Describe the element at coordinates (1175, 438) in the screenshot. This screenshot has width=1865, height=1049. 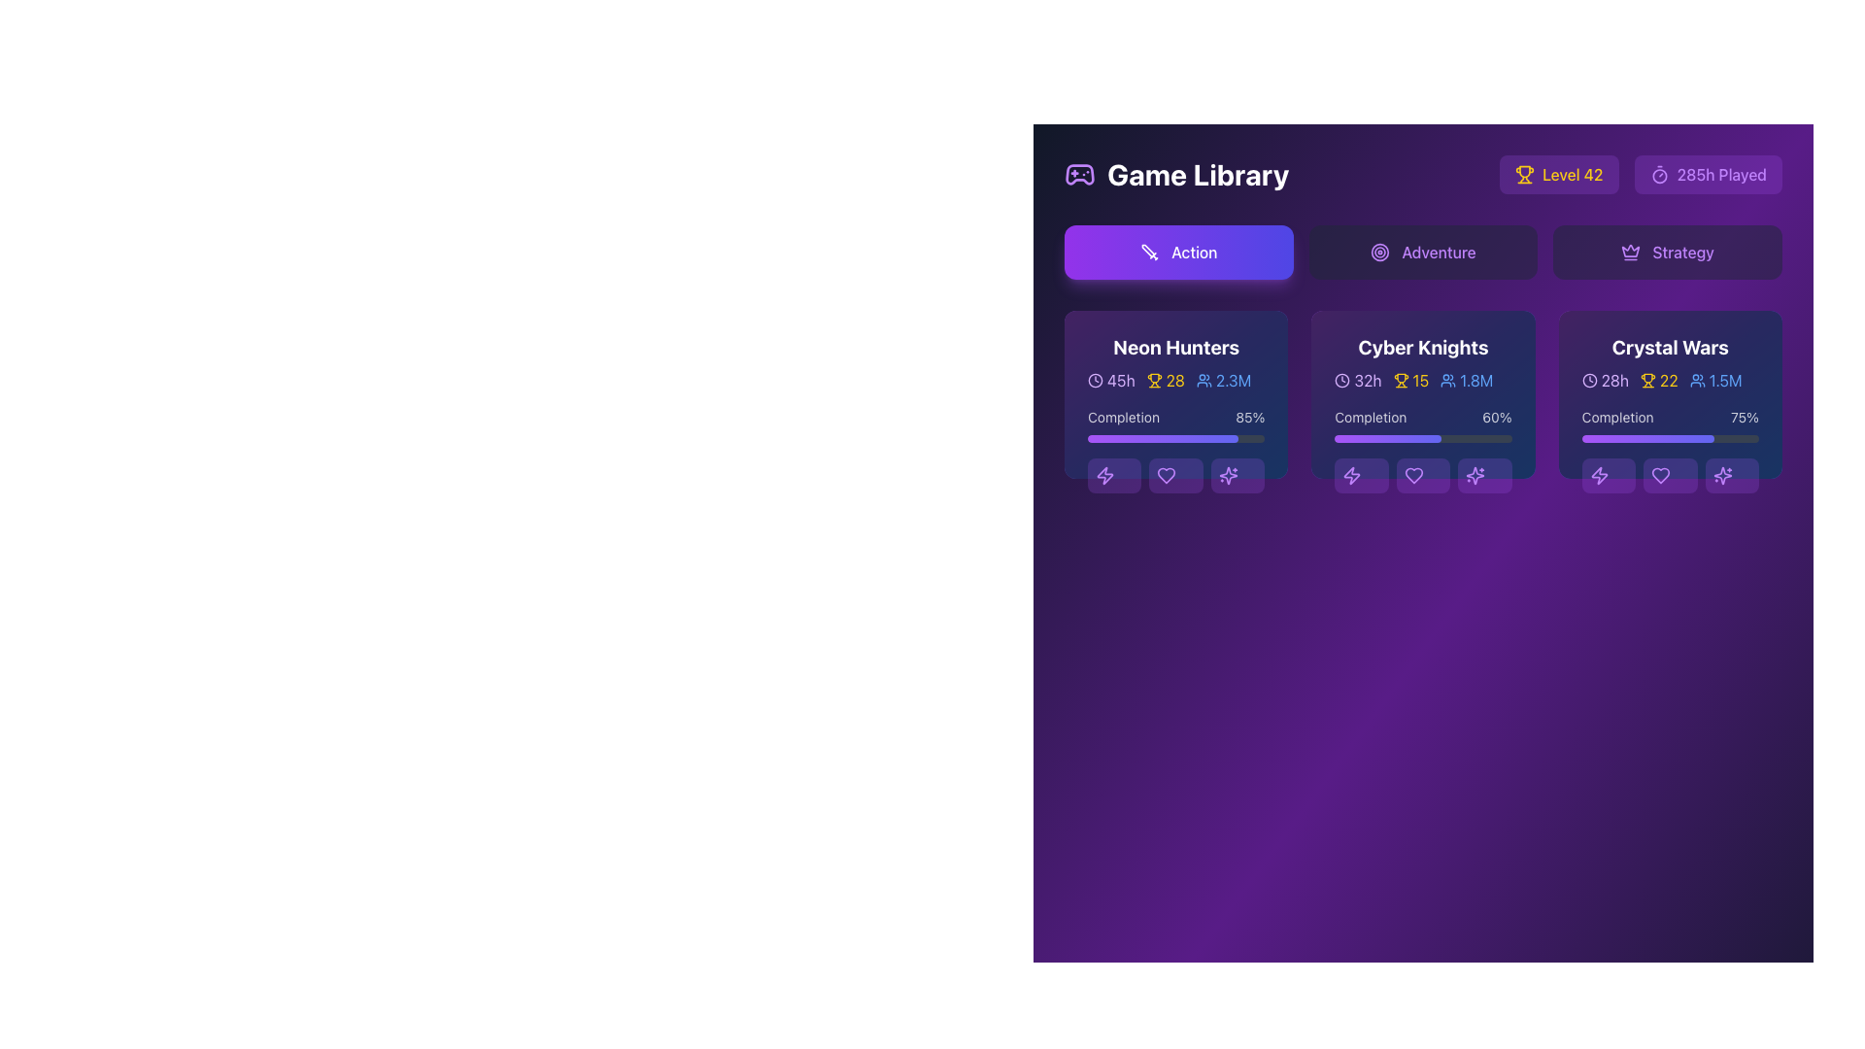
I see `the completion level represented by the Progress Bar located in the 'Neon Hunters' game card, positioned below the 'Completion' text and above the action icons` at that location.